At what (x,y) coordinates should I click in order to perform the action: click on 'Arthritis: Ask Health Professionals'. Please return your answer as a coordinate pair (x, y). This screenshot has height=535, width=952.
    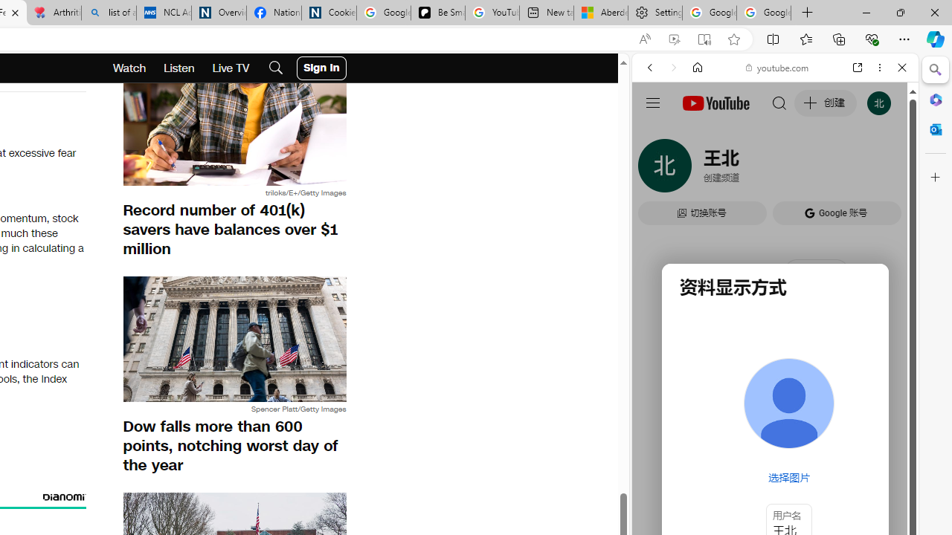
    Looking at the image, I should click on (54, 13).